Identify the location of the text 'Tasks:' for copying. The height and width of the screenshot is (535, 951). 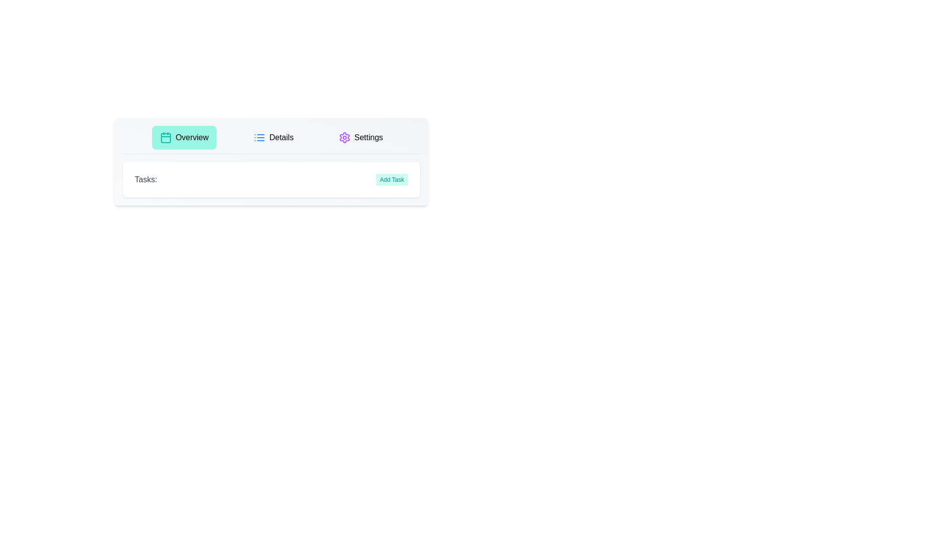
(145, 179).